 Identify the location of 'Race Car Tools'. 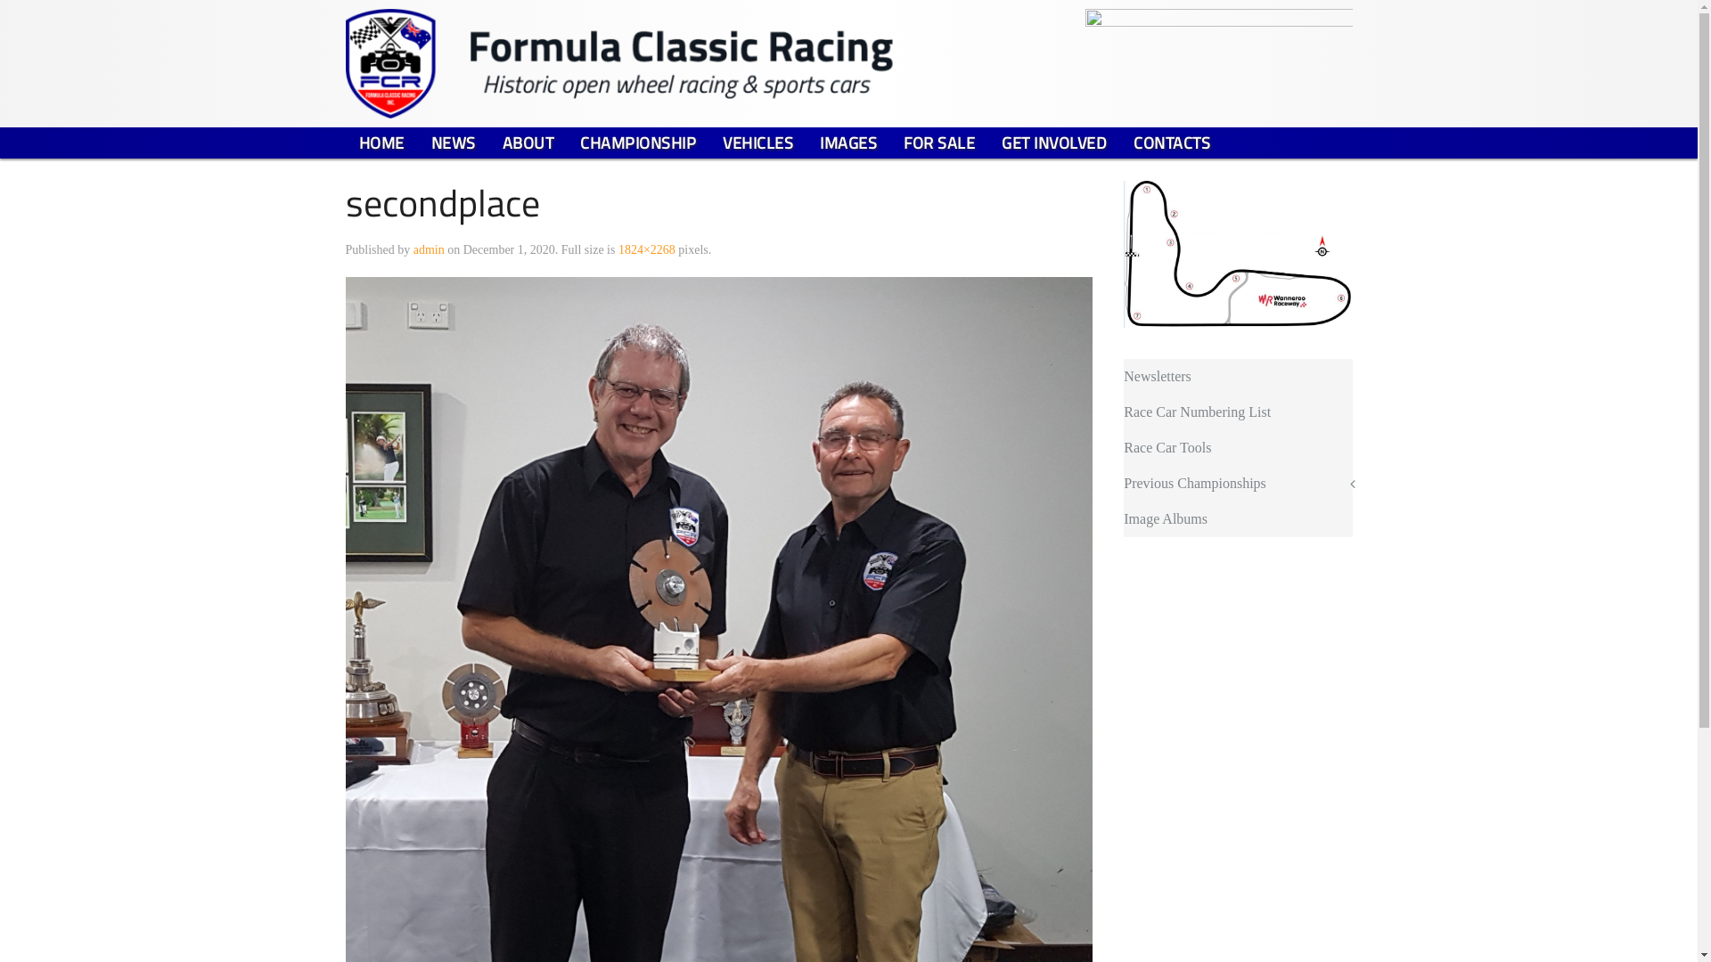
(1236, 446).